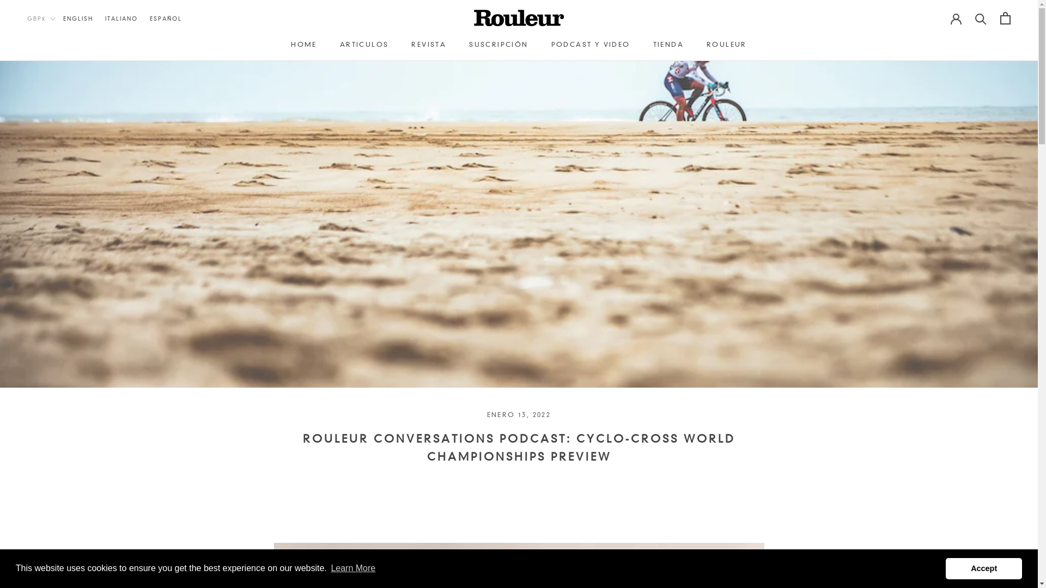 This screenshot has height=588, width=1046. What do you see at coordinates (303, 44) in the screenshot?
I see `'HOME` at bounding box center [303, 44].